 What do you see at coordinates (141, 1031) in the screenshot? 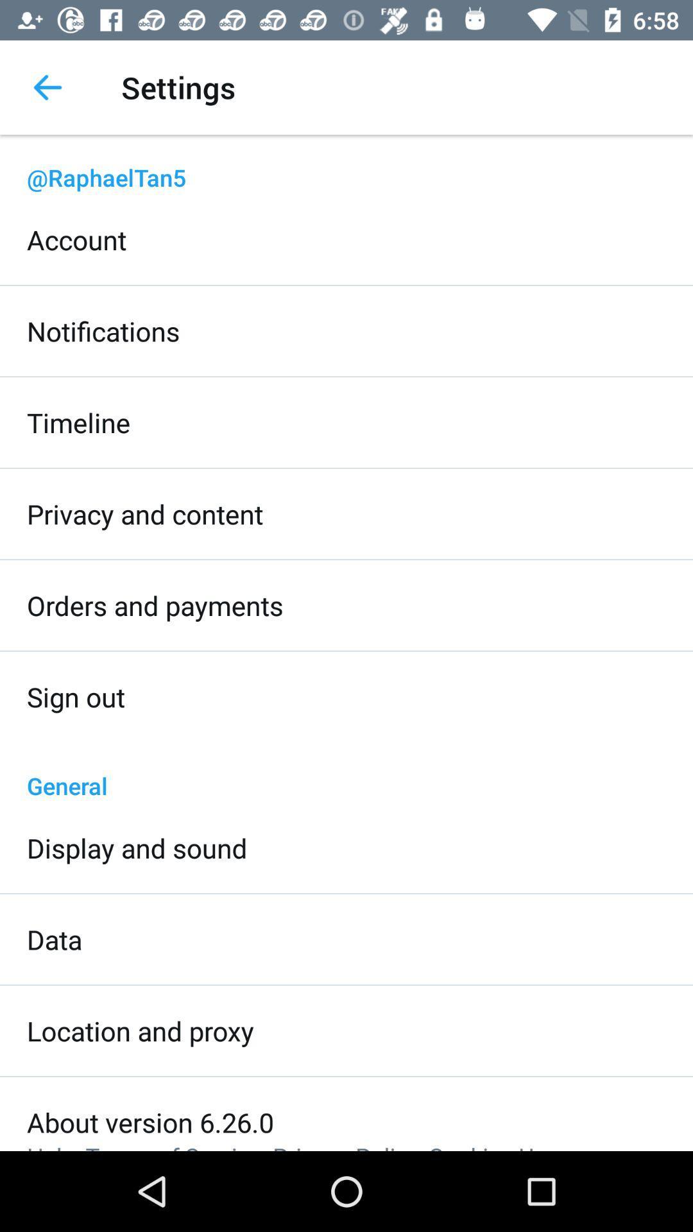
I see `the location and proxy icon` at bounding box center [141, 1031].